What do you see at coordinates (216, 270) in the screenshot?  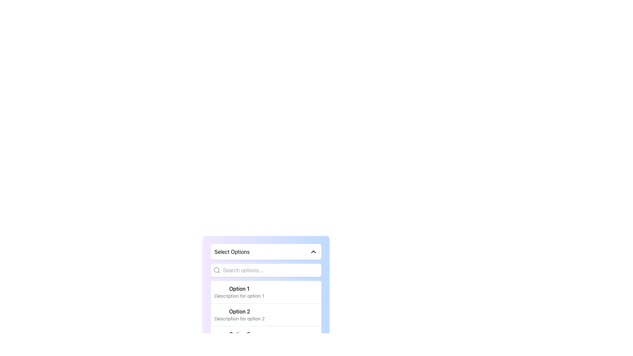 I see `the graphical decoration within the search icon, which is part of the magnifying glass icon located to the left of the search input field below the 'Select Options' button` at bounding box center [216, 270].